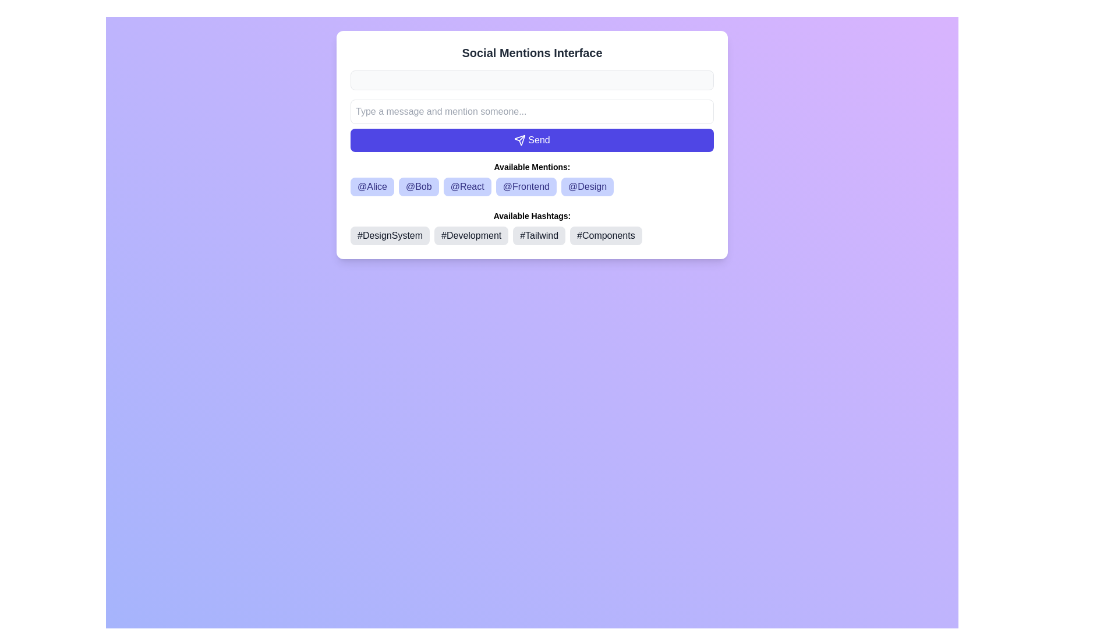 This screenshot has width=1118, height=629. Describe the element at coordinates (531, 126) in the screenshot. I see `the 'Send' button, which is a rectangular indigo button with a white paper plane icon, located below the text entry field in the Social Mentions Interface` at that location.